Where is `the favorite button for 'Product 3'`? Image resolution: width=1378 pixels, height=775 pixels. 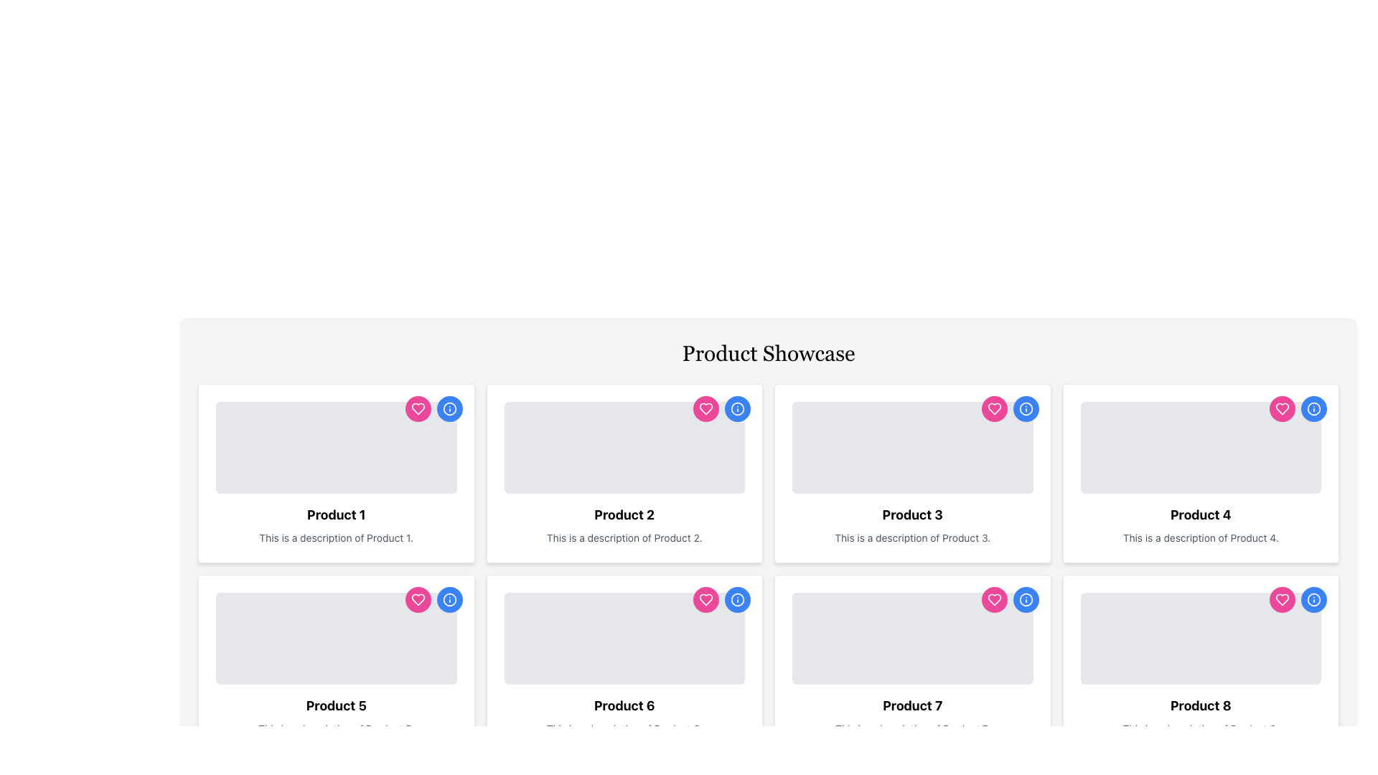
the favorite button for 'Product 3' is located at coordinates (993, 409).